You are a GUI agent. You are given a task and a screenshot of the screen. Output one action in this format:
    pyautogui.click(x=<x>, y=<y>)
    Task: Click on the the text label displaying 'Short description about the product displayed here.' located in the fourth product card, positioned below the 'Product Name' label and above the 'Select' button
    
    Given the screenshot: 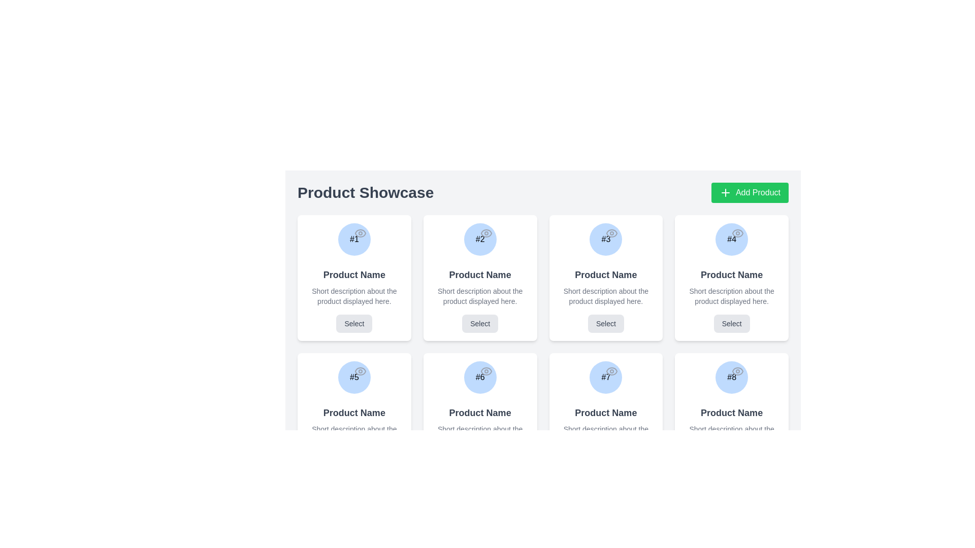 What is the action you would take?
    pyautogui.click(x=732, y=296)
    